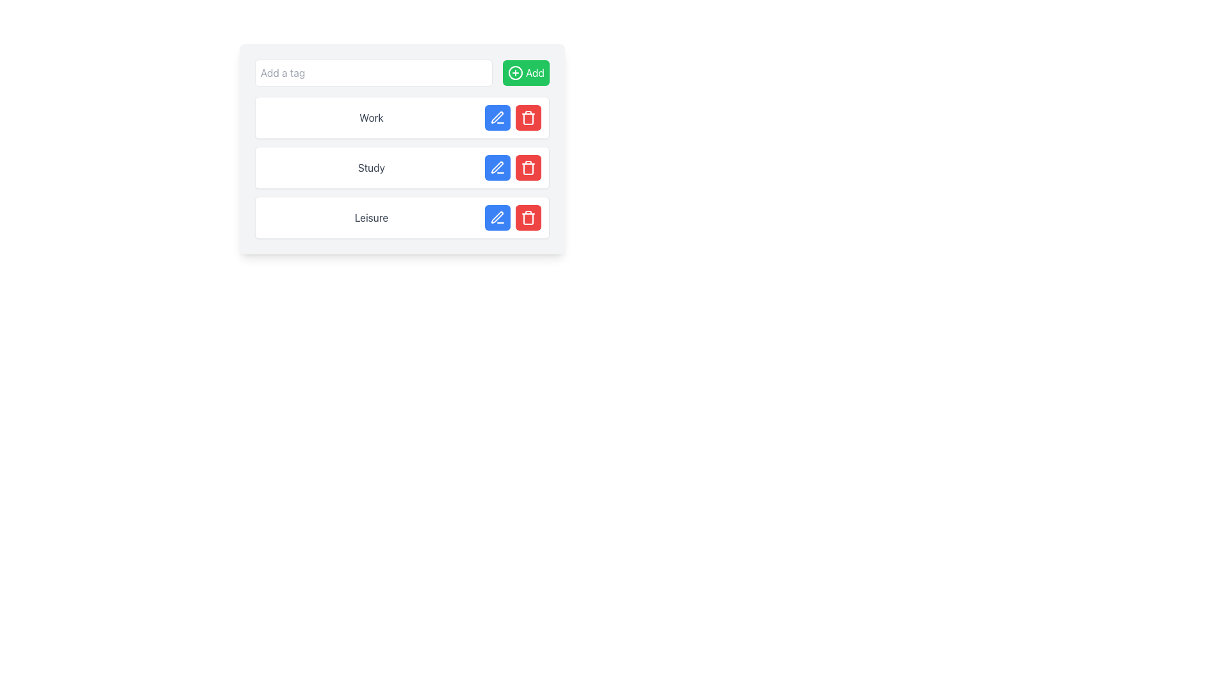  I want to click on the 'Study' Text Label element, which is a bold, dark gray font displayed within a white, rounded rectangular card, located in the middle entry of a vertically stacked list of cards, so click(371, 167).